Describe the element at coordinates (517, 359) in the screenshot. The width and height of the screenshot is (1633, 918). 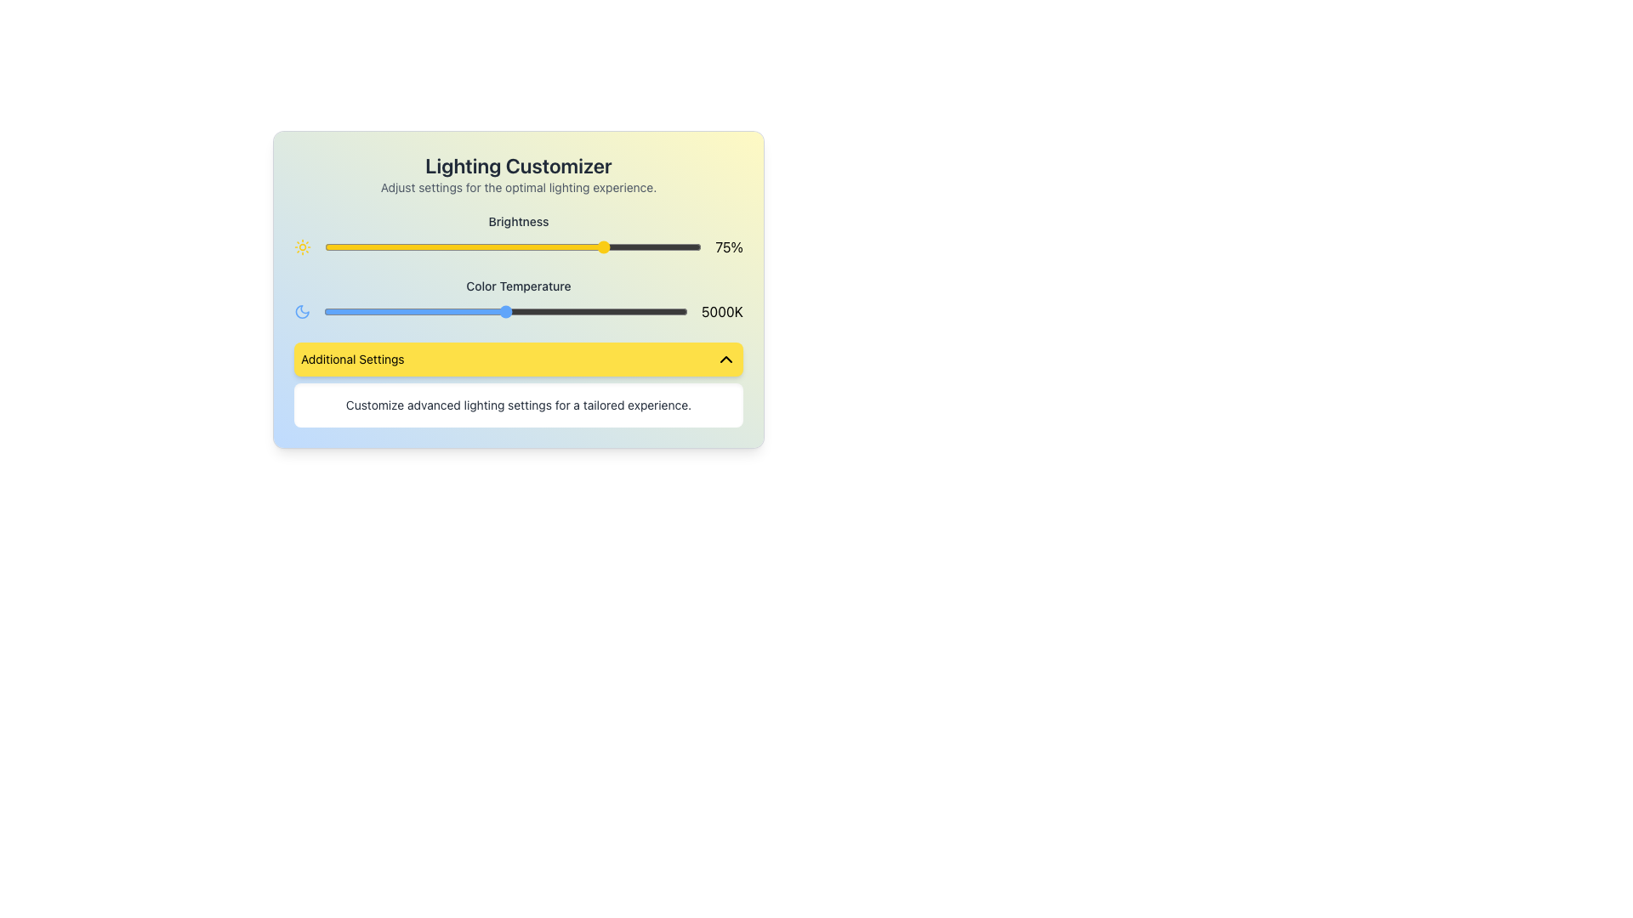
I see `the toggle button located within the 'Lighting Customizer' card` at that location.